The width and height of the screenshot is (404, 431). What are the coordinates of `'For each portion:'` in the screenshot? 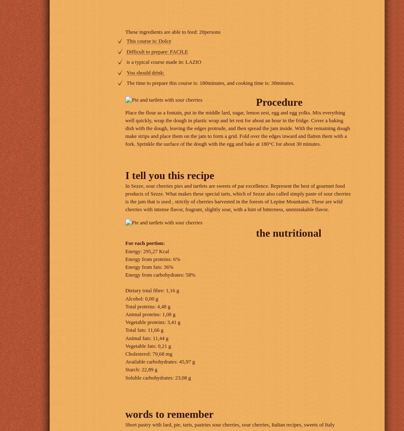 It's located at (145, 243).